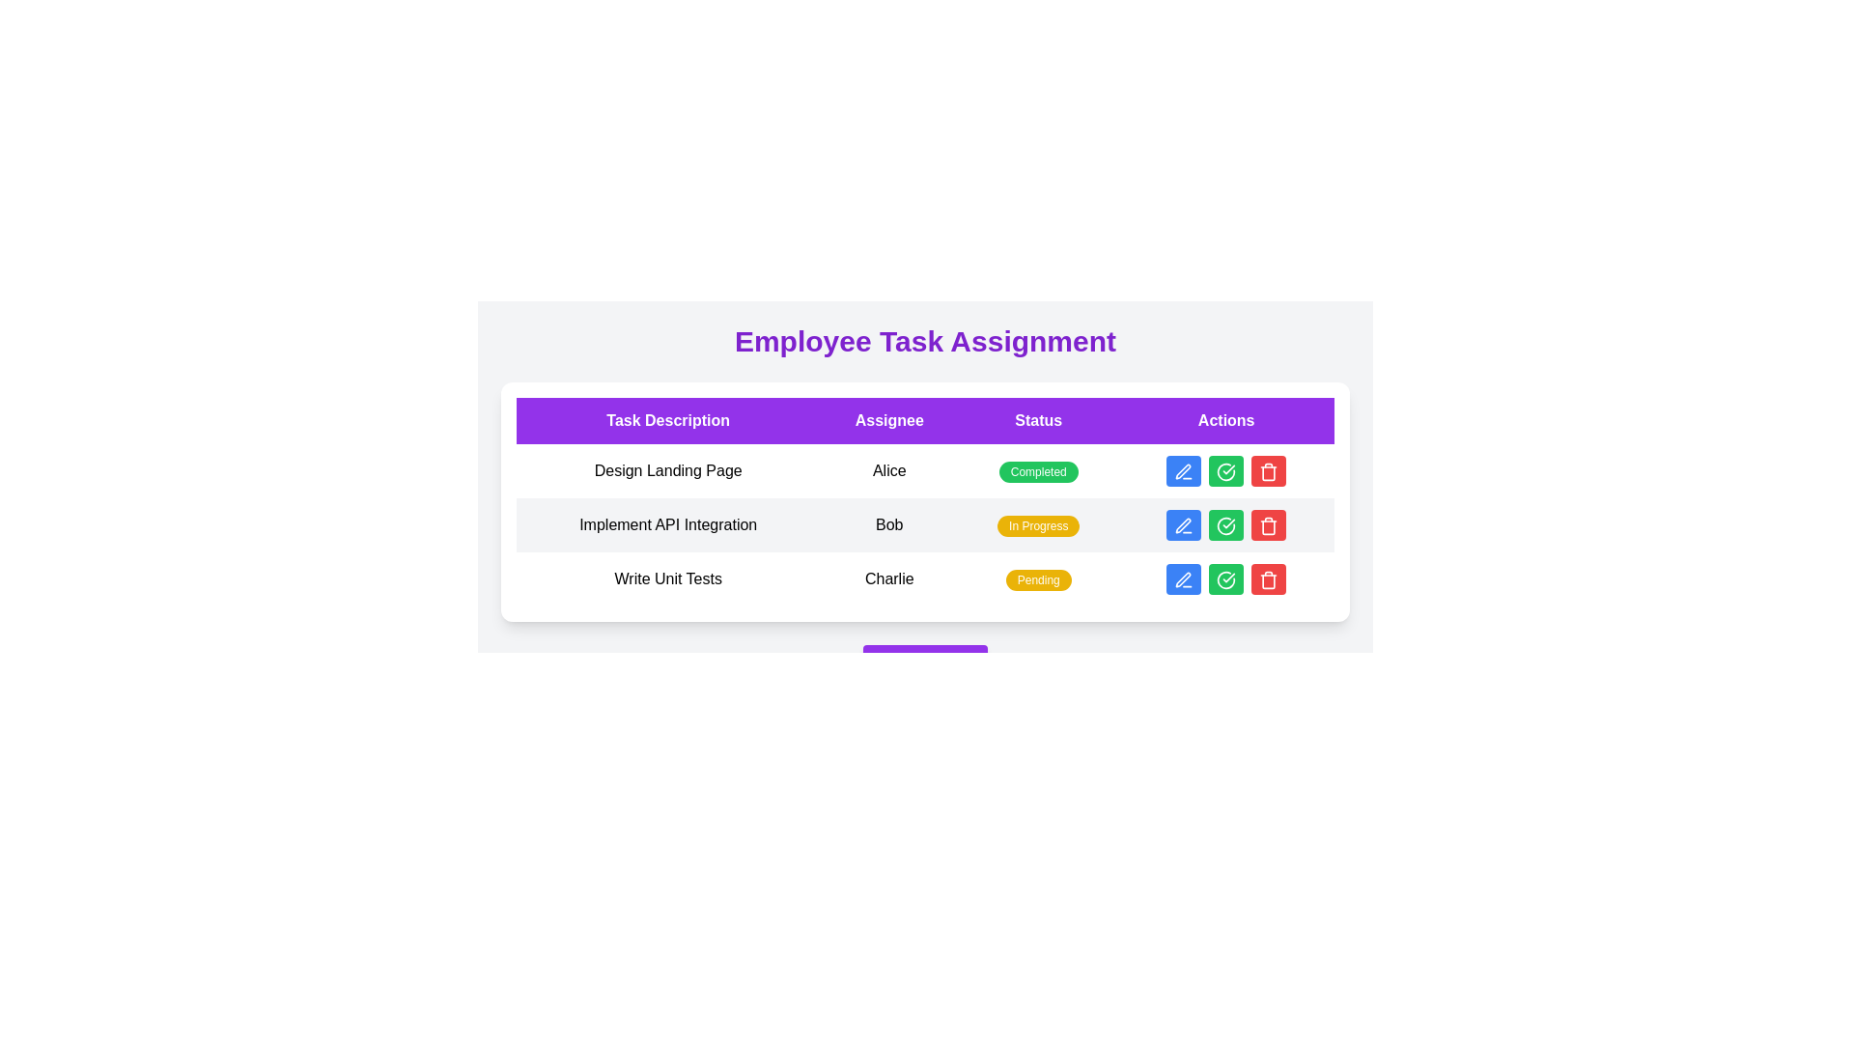 The width and height of the screenshot is (1854, 1043). Describe the element at coordinates (924, 578) in the screenshot. I see `the task entry in the table, specifically the third row under the headers 'Task Description', 'Assignee', 'Status', and 'Actions', which contains details about the task and actionable buttons` at that location.